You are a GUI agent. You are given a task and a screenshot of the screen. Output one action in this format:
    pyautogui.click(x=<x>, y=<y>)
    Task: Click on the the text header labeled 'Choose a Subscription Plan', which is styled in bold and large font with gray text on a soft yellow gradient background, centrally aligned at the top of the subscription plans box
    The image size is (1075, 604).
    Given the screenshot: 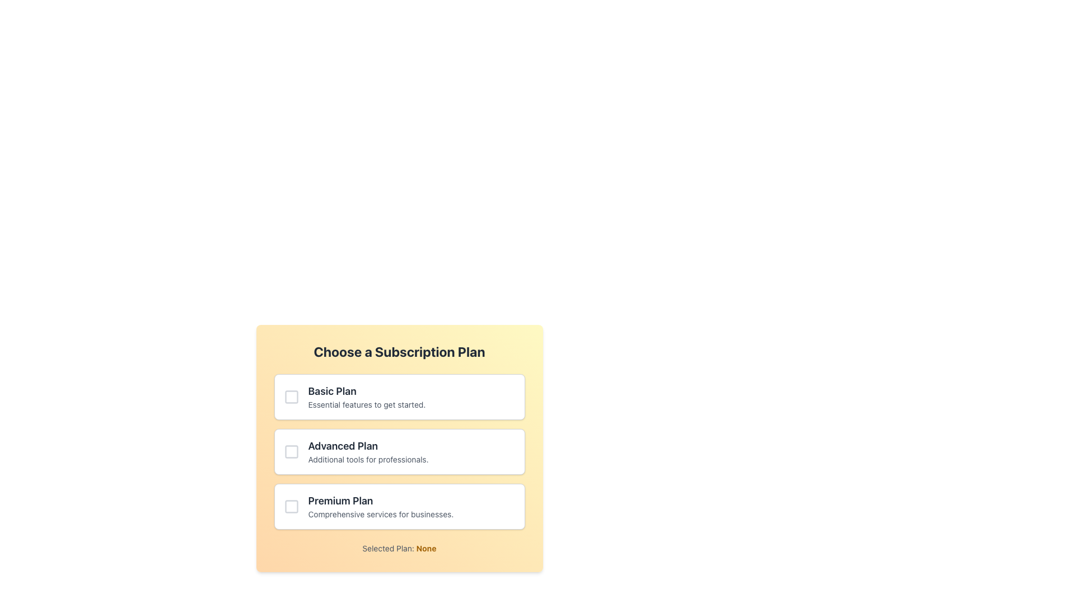 What is the action you would take?
    pyautogui.click(x=399, y=351)
    